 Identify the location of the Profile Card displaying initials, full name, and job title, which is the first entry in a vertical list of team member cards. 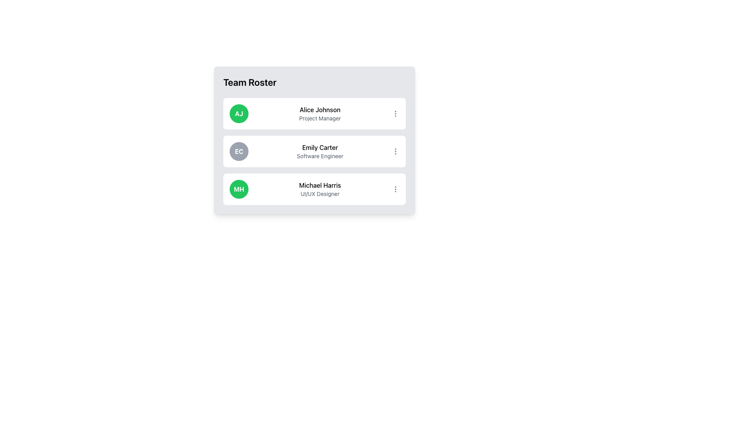
(315, 114).